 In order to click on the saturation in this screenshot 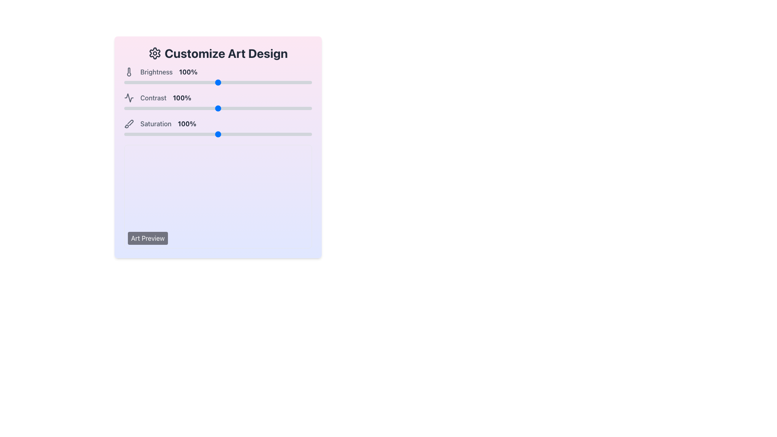, I will do `click(159, 134)`.